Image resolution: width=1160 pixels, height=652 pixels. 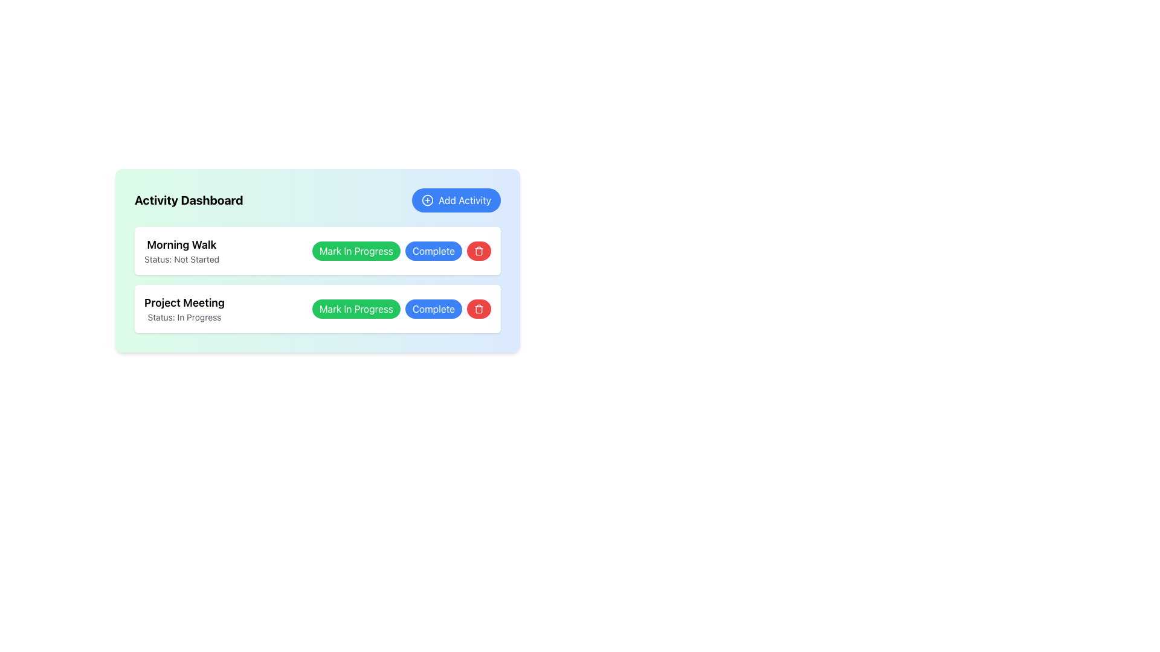 What do you see at coordinates (184, 308) in the screenshot?
I see `the Text Block that displays the title 'Project Meeting' and the status 'Status: In Progress', located within the second task card below 'Morning Walk'` at bounding box center [184, 308].